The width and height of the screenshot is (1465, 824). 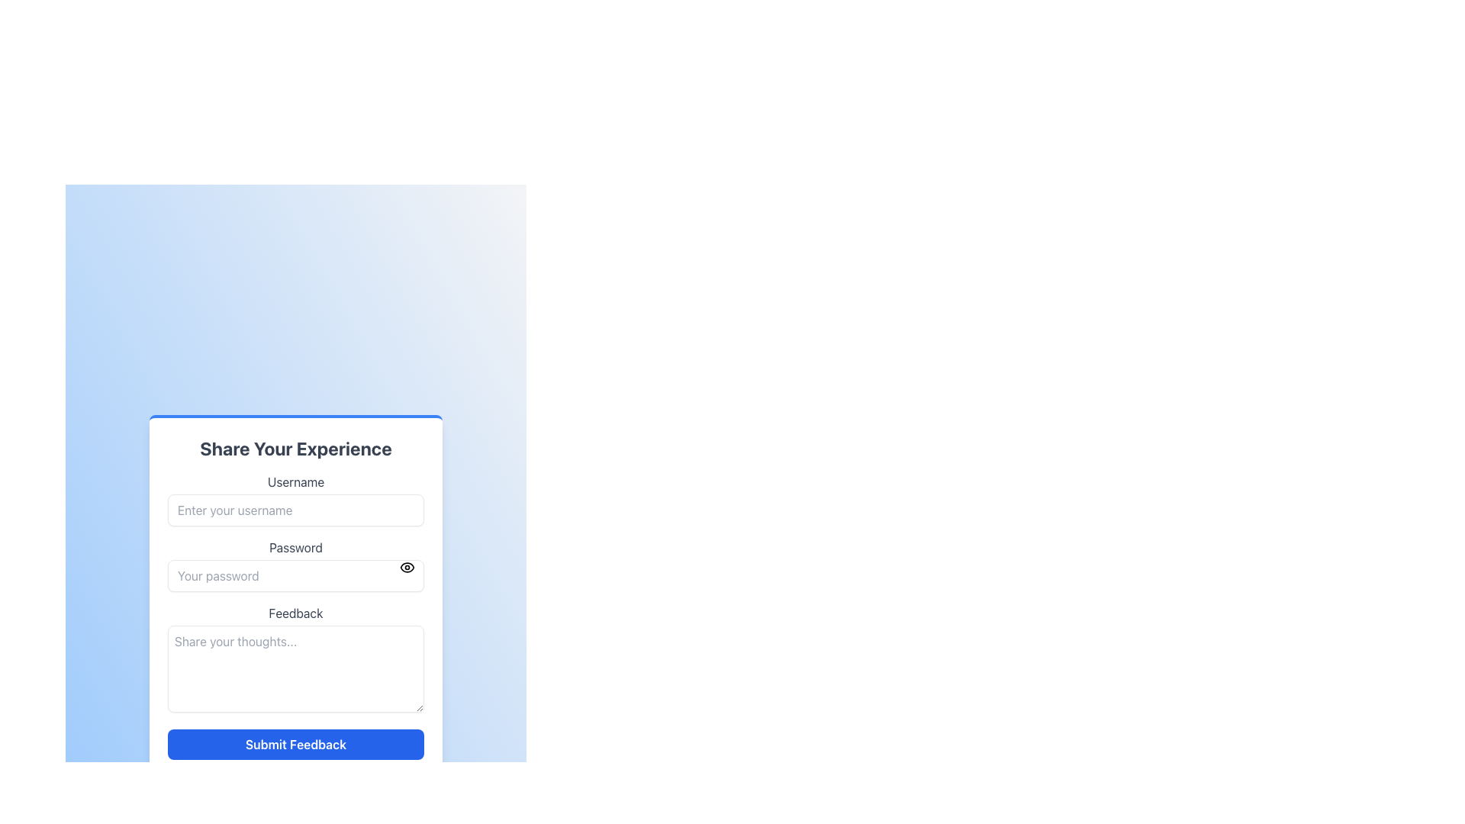 What do you see at coordinates (296, 565) in the screenshot?
I see `the password input field below the 'Username' section to type a password` at bounding box center [296, 565].